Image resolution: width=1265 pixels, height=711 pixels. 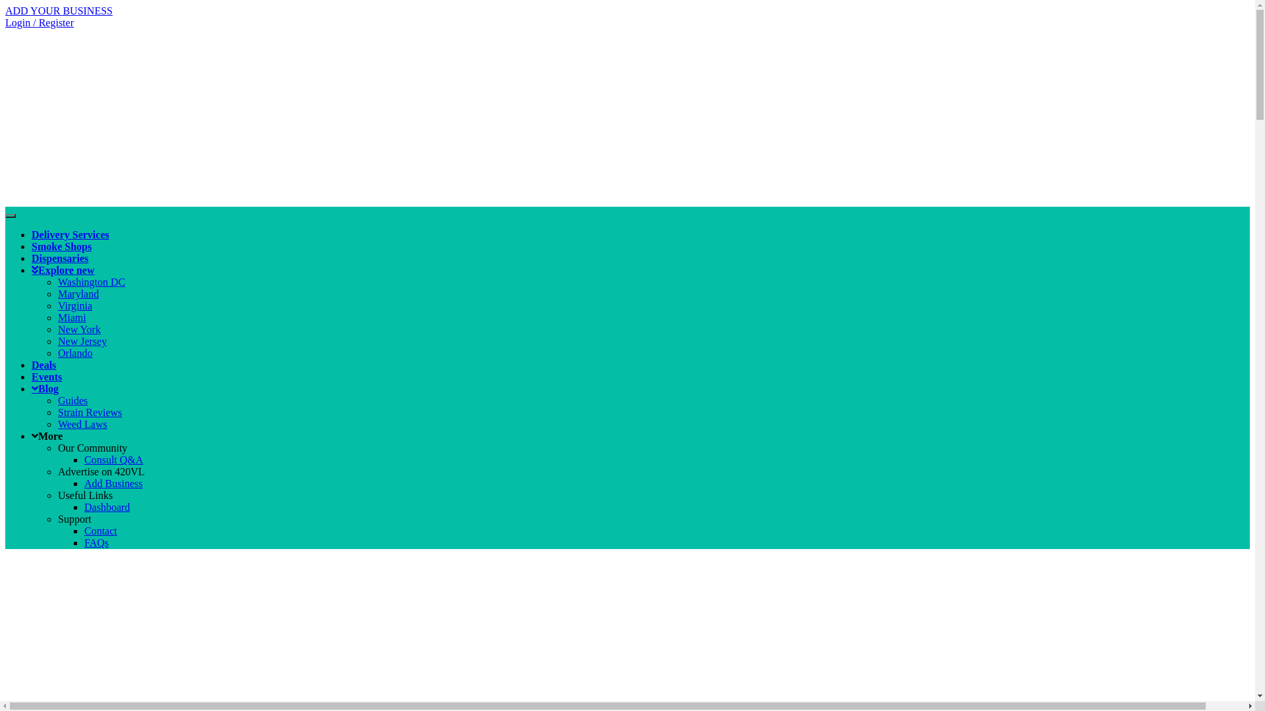 I want to click on 'Contact', so click(x=100, y=530).